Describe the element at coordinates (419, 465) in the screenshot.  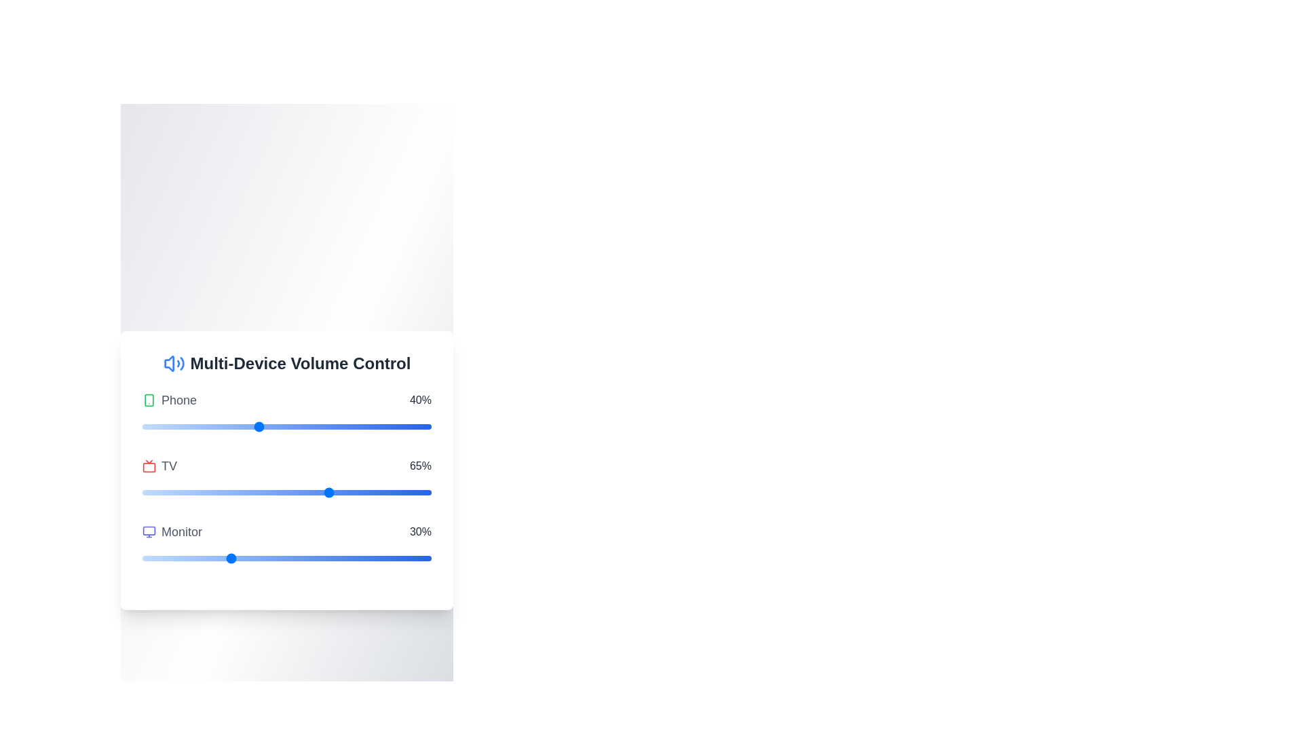
I see `the text label displaying '65%' in bold gray font, located adjacent to the red TV icon and above the horizontal slider in the 'TV' section` at that location.